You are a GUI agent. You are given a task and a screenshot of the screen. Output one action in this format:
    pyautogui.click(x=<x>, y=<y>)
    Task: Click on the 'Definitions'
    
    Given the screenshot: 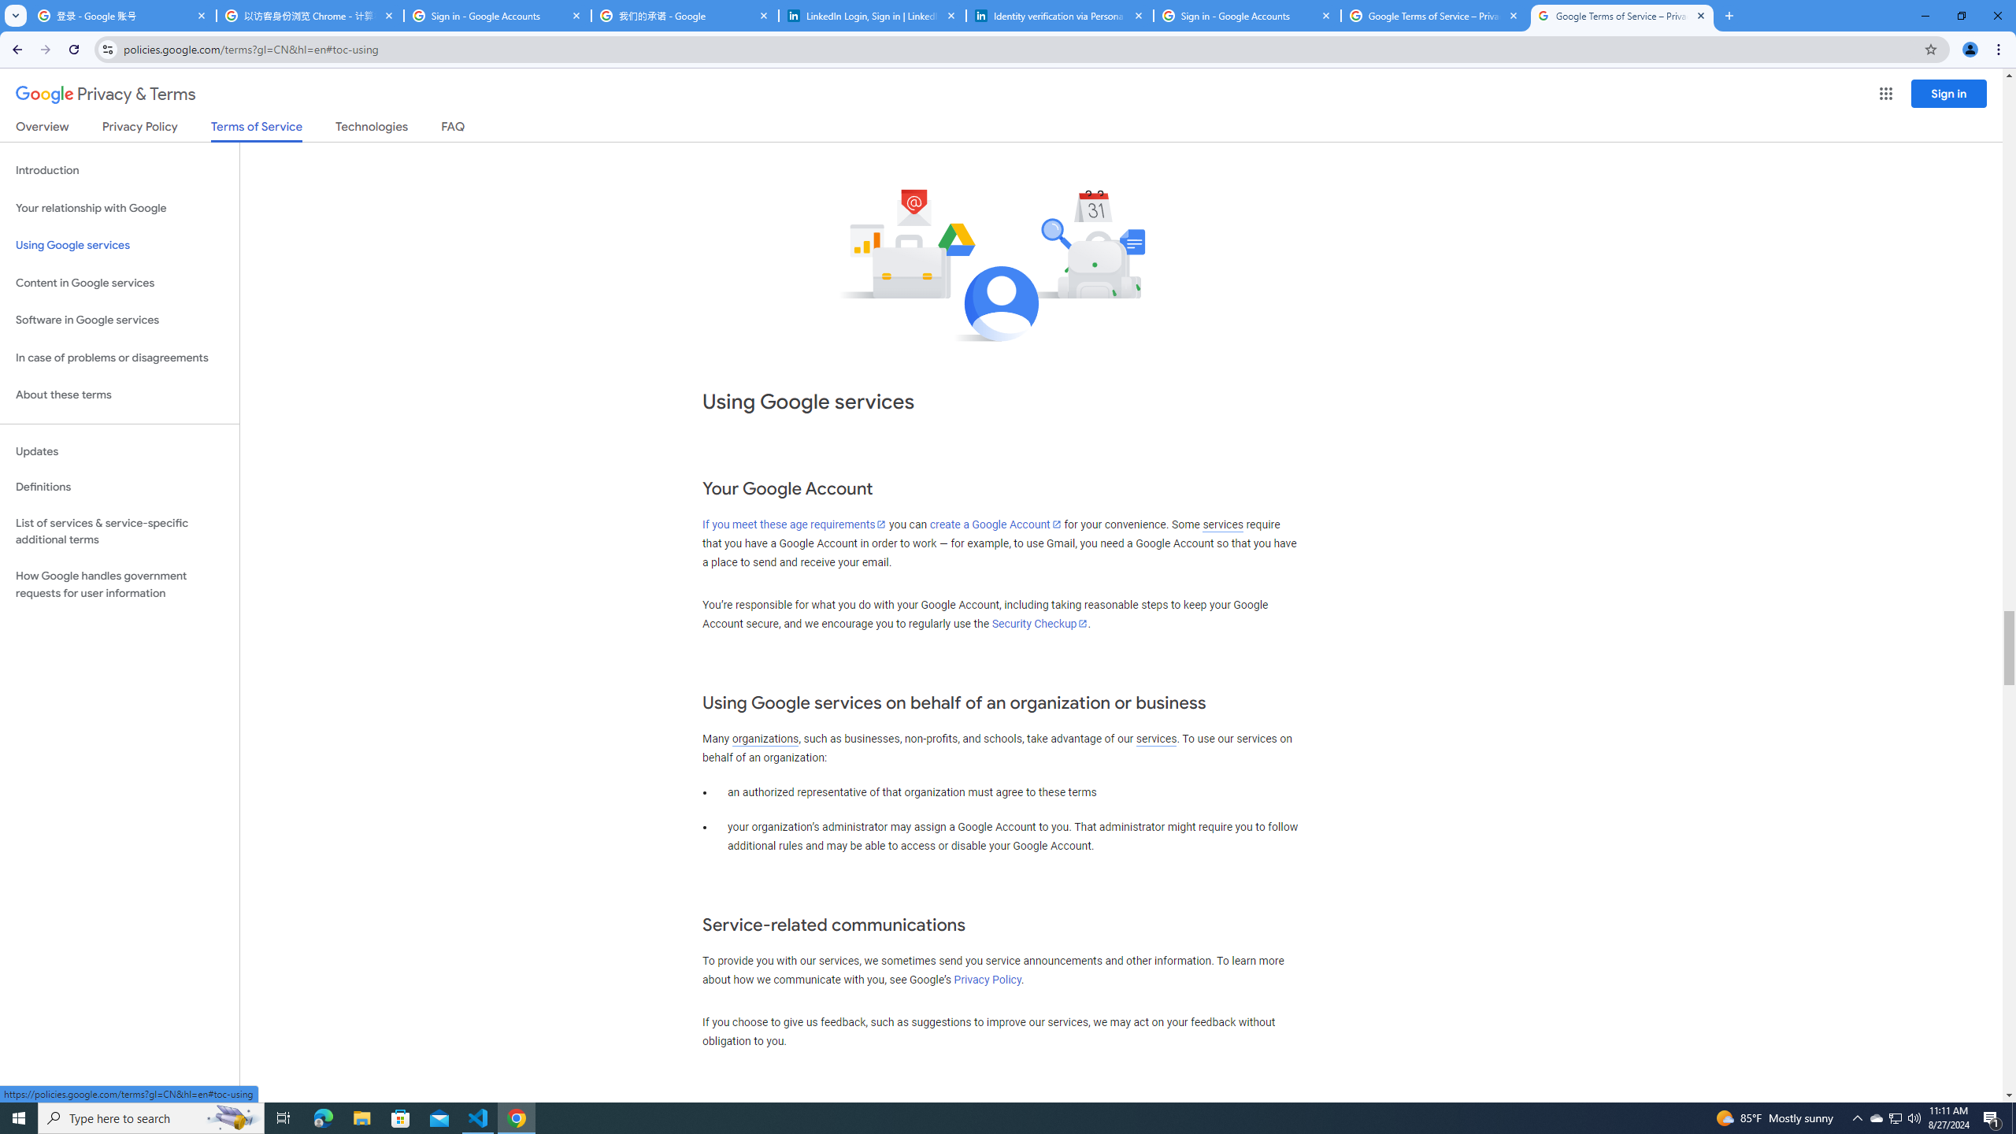 What is the action you would take?
    pyautogui.click(x=119, y=487)
    